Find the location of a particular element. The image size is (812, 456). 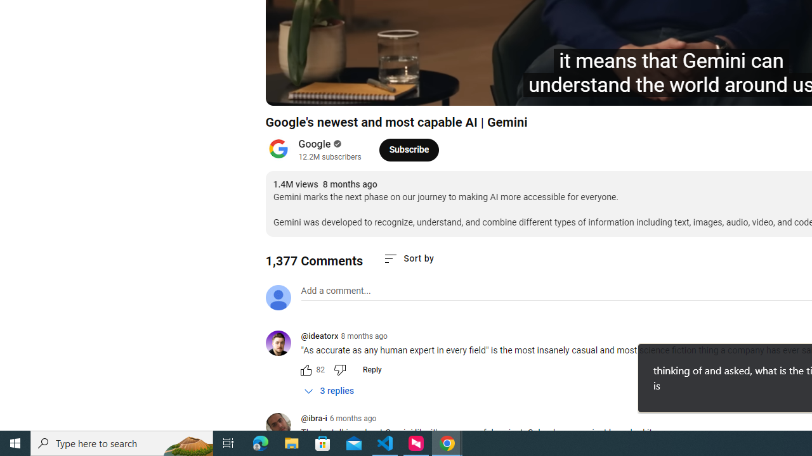

'Subscribe to Google.' is located at coordinates (409, 149).